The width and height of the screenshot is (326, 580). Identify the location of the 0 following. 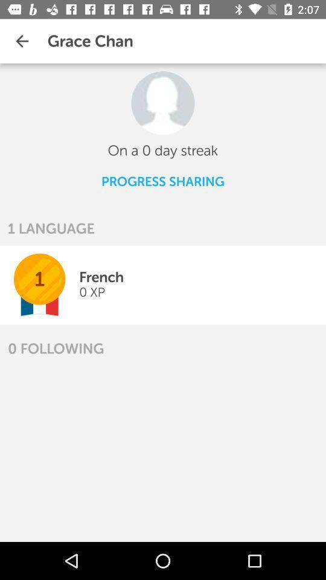
(55, 349).